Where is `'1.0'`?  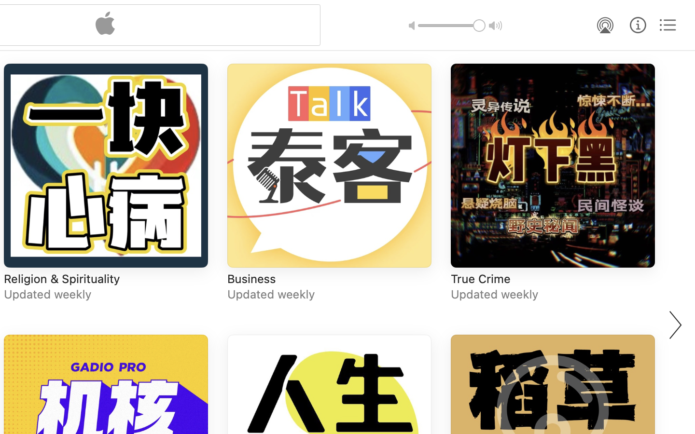 '1.0' is located at coordinates (452, 25).